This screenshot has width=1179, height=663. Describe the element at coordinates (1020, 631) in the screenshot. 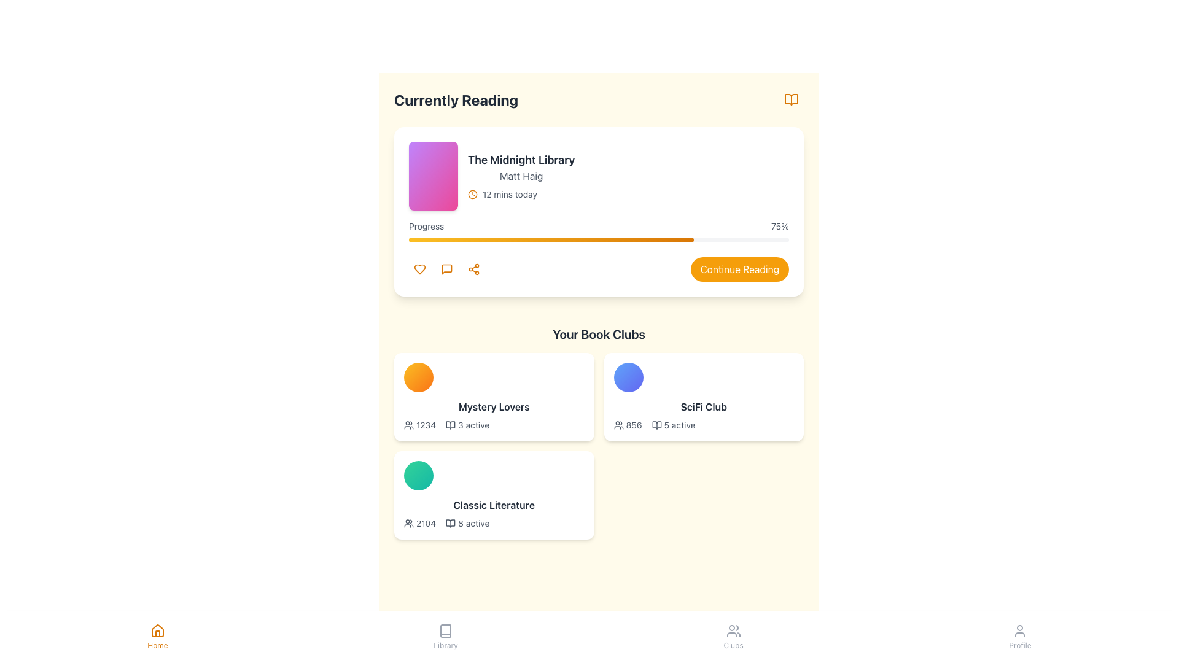

I see `the user profile icon at the far-right end of the bottom navigation bar` at that location.